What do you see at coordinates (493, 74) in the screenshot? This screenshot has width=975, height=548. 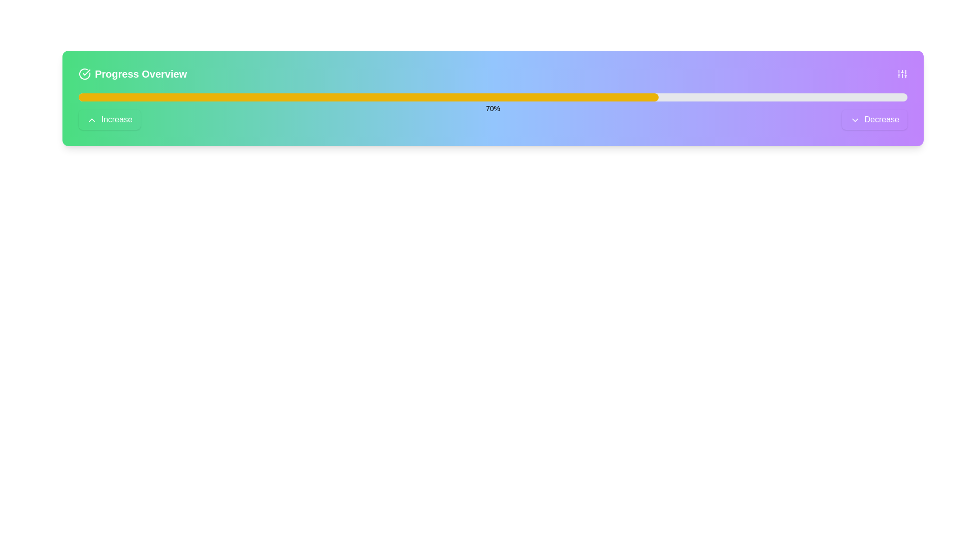 I see `icons located to the right of the 'Progress Overview' text label for additional functionality` at bounding box center [493, 74].